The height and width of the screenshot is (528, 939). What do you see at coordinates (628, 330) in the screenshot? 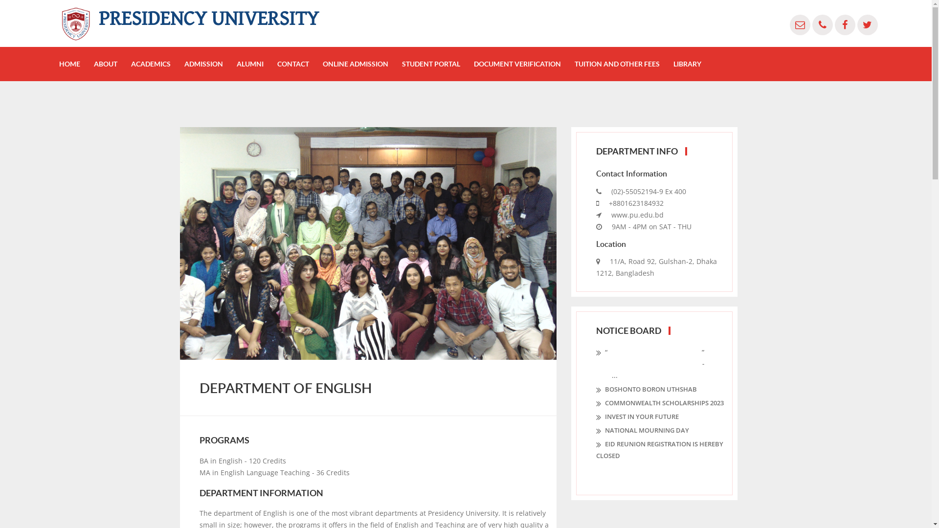
I see `'NOTICE BOARD'` at bounding box center [628, 330].